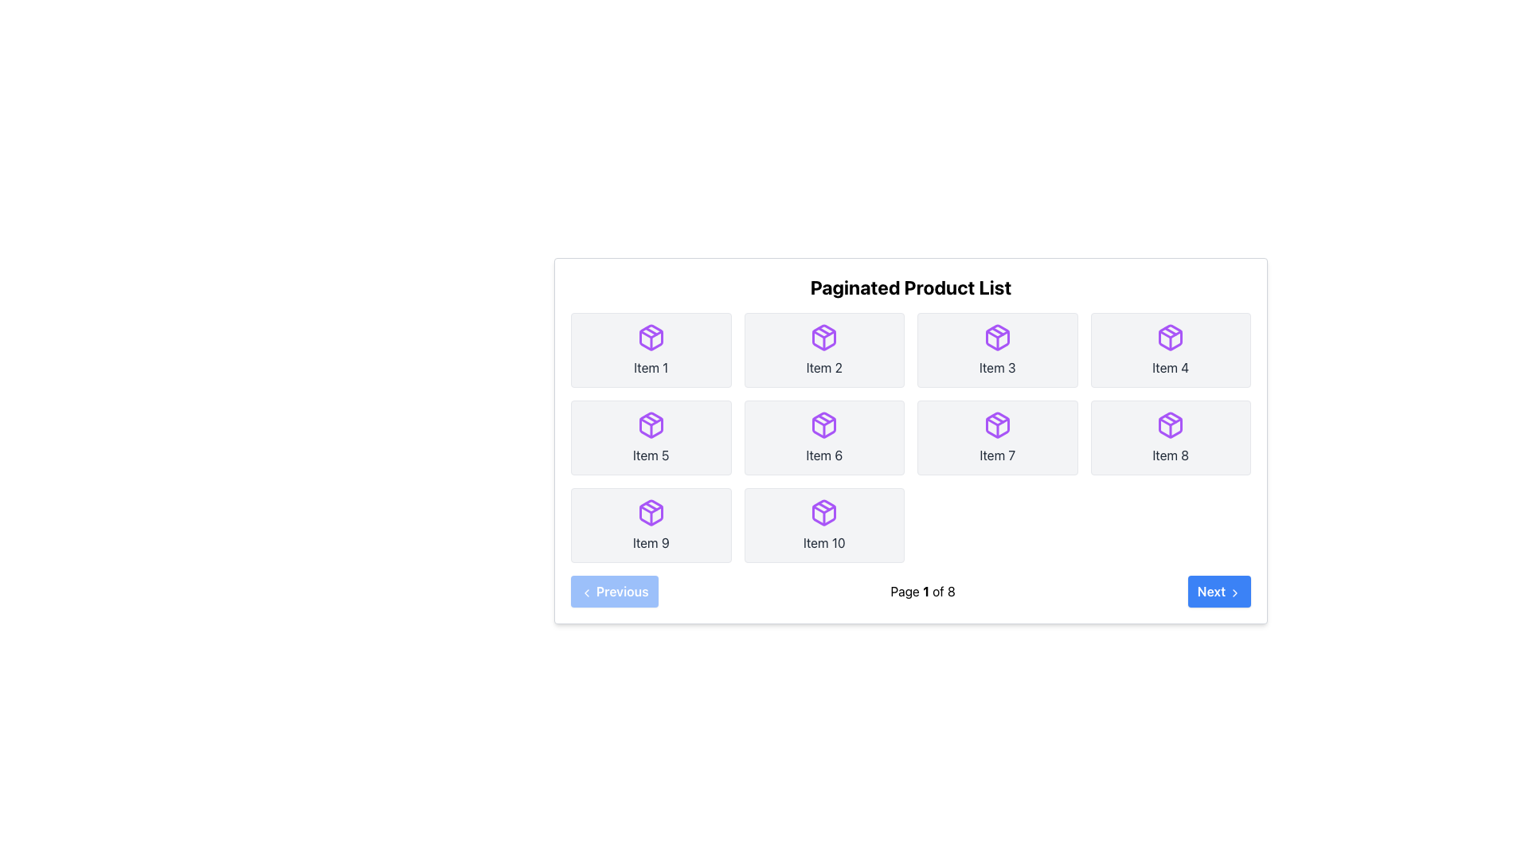 The image size is (1529, 860). I want to click on the text label displaying 'Item 7', which is centered below a purple package icon in the grid layout under 'Paginated Product List', so click(996, 455).